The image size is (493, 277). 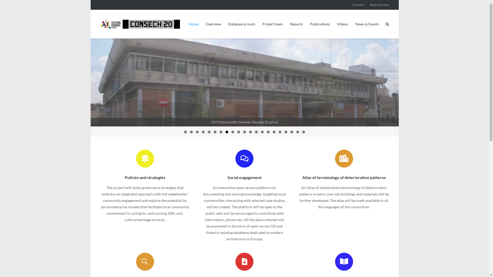 What do you see at coordinates (352, 5) in the screenshot?
I see `'Contacts'` at bounding box center [352, 5].